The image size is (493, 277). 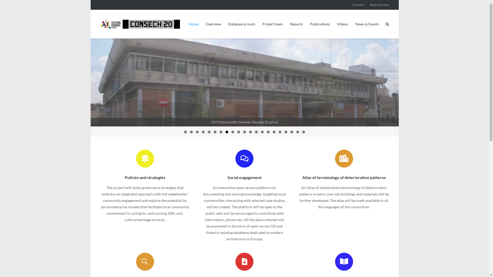 What do you see at coordinates (352, 5) in the screenshot?
I see `'Contacts'` at bounding box center [352, 5].